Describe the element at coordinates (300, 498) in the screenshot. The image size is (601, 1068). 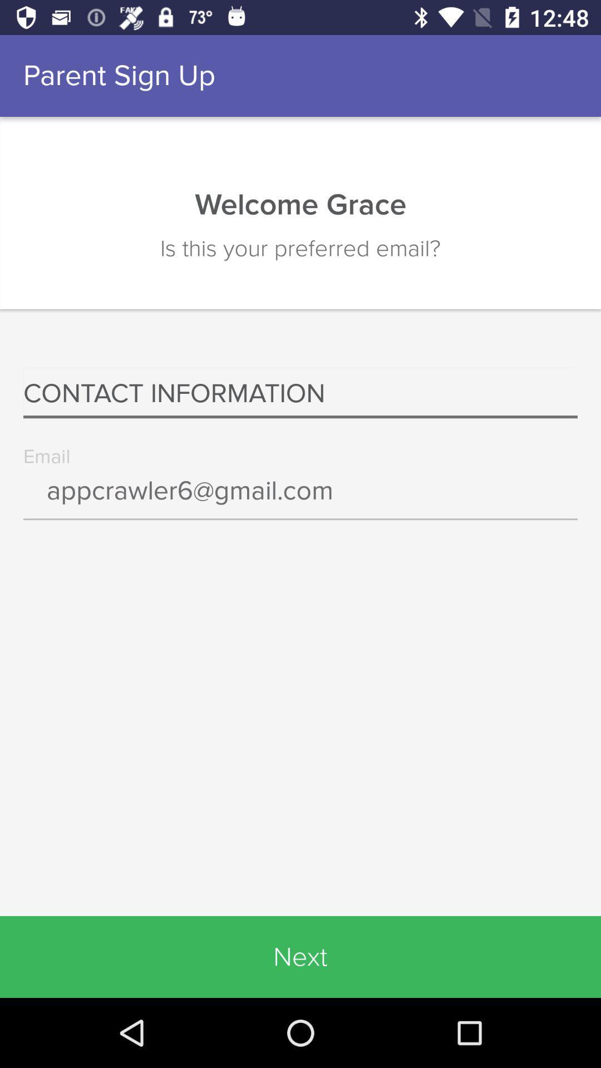
I see `appcrawler6@gmail.com` at that location.